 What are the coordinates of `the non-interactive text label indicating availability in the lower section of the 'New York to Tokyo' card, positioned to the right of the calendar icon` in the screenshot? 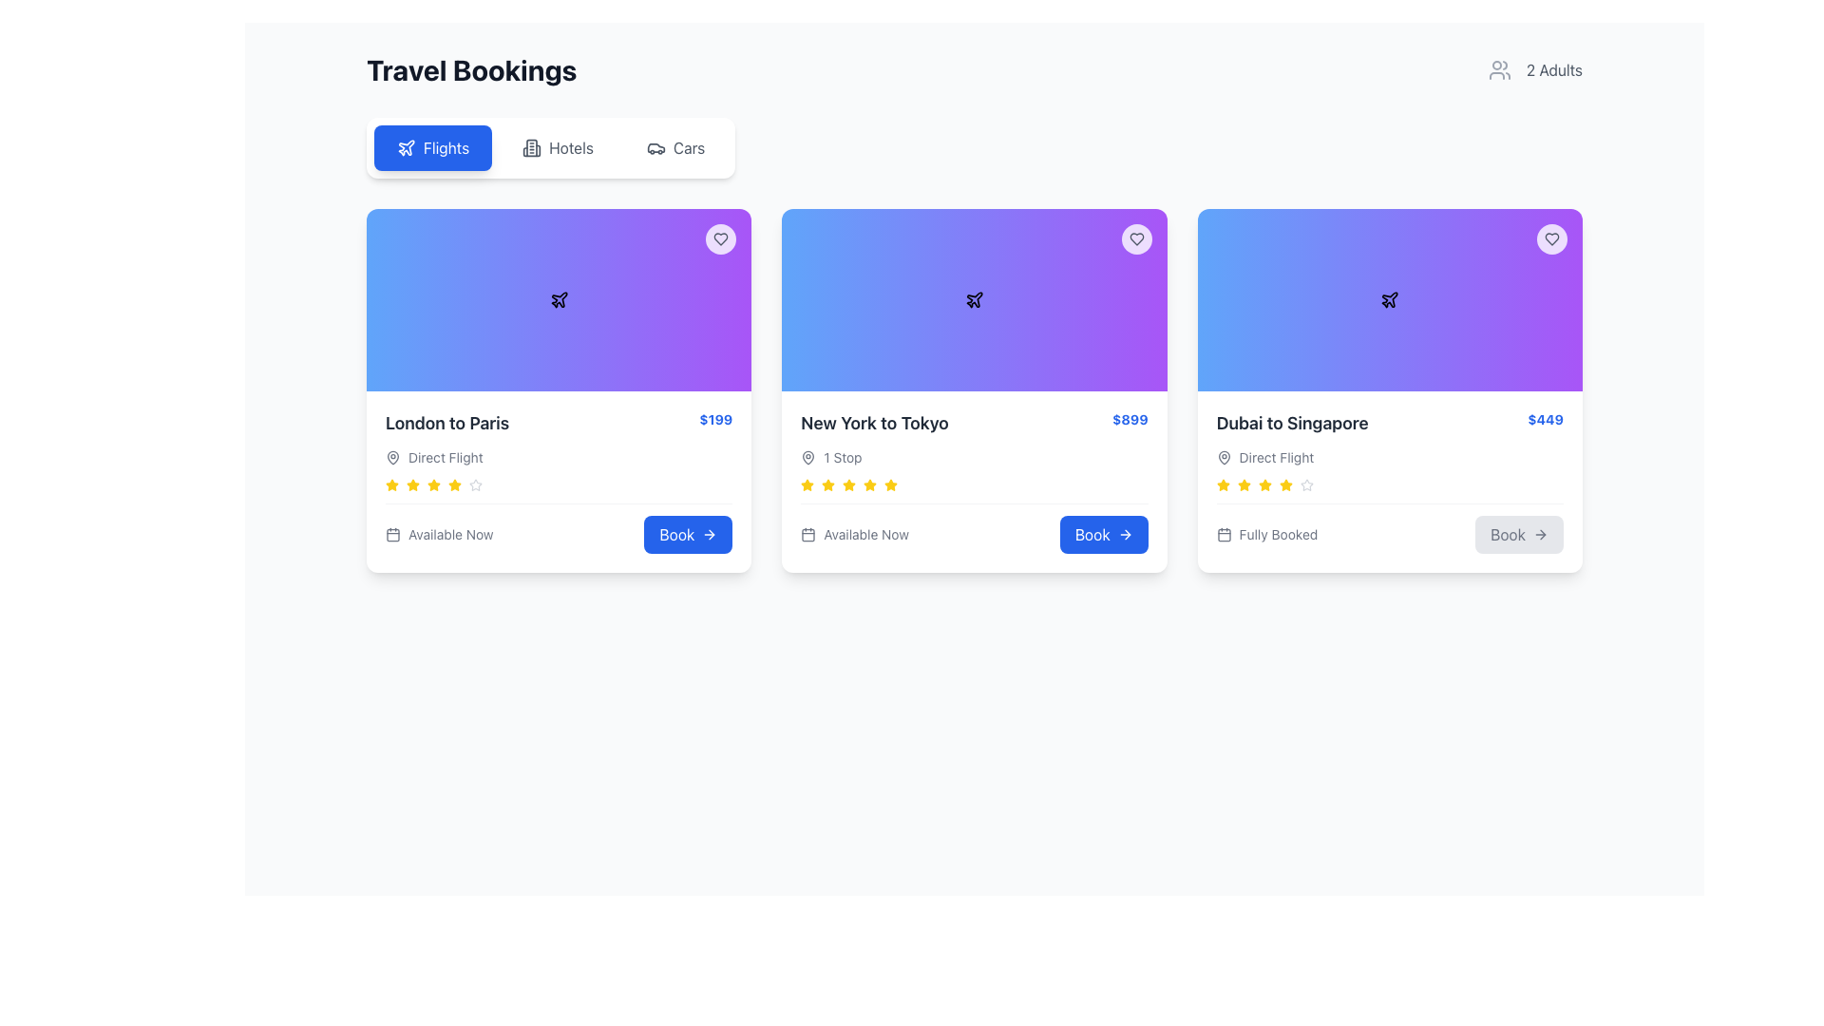 It's located at (449, 535).